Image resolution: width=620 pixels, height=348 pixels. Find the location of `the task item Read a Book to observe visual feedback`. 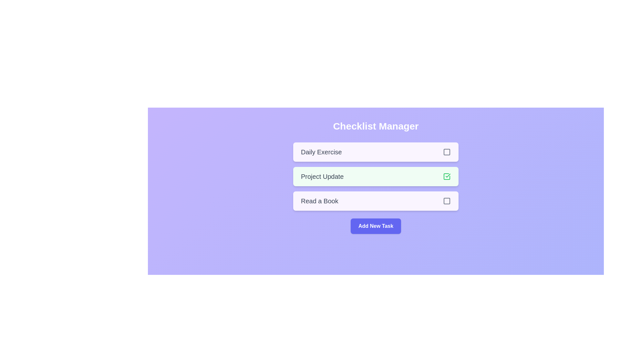

the task item Read a Book to observe visual feedback is located at coordinates (376, 201).